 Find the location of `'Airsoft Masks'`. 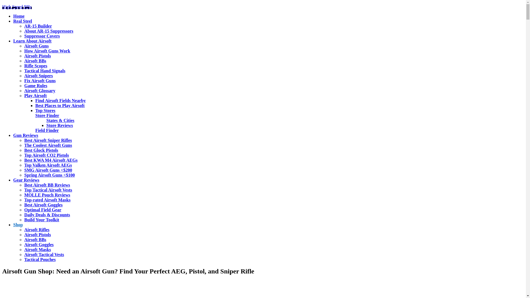

'Airsoft Masks' is located at coordinates (24, 249).